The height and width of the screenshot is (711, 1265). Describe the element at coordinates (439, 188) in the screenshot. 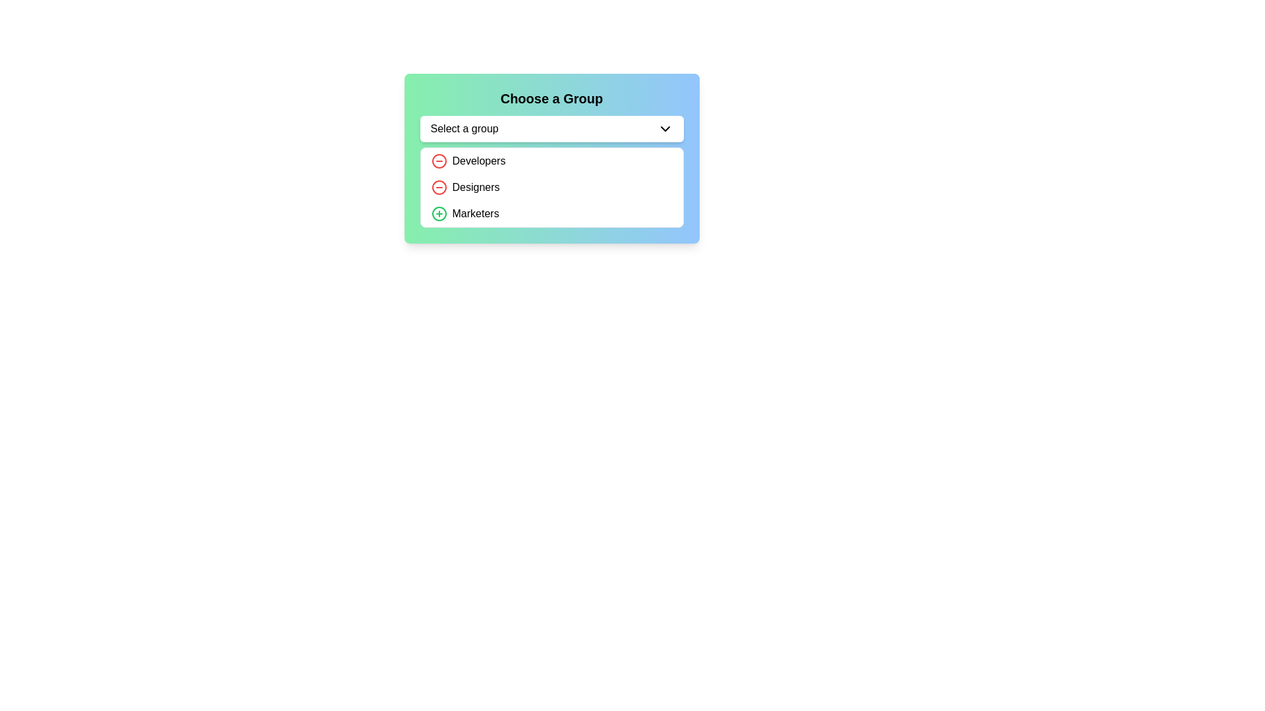

I see `the red circular minus icon located before the text 'Designers' in the drop-down menu titled 'Choose a Group'` at that location.